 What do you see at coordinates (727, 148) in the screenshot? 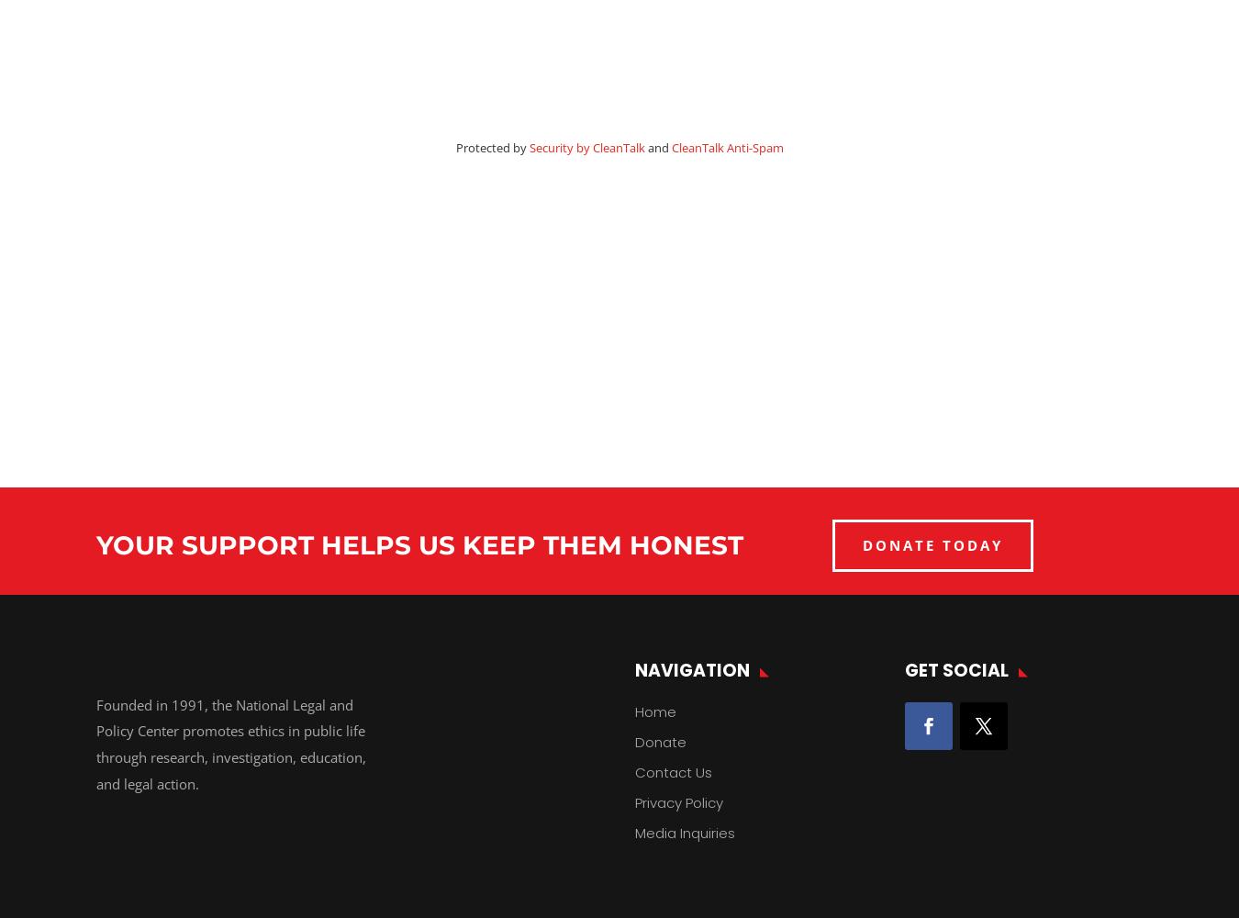
I see `'CleanTalk Anti-Spam'` at bounding box center [727, 148].